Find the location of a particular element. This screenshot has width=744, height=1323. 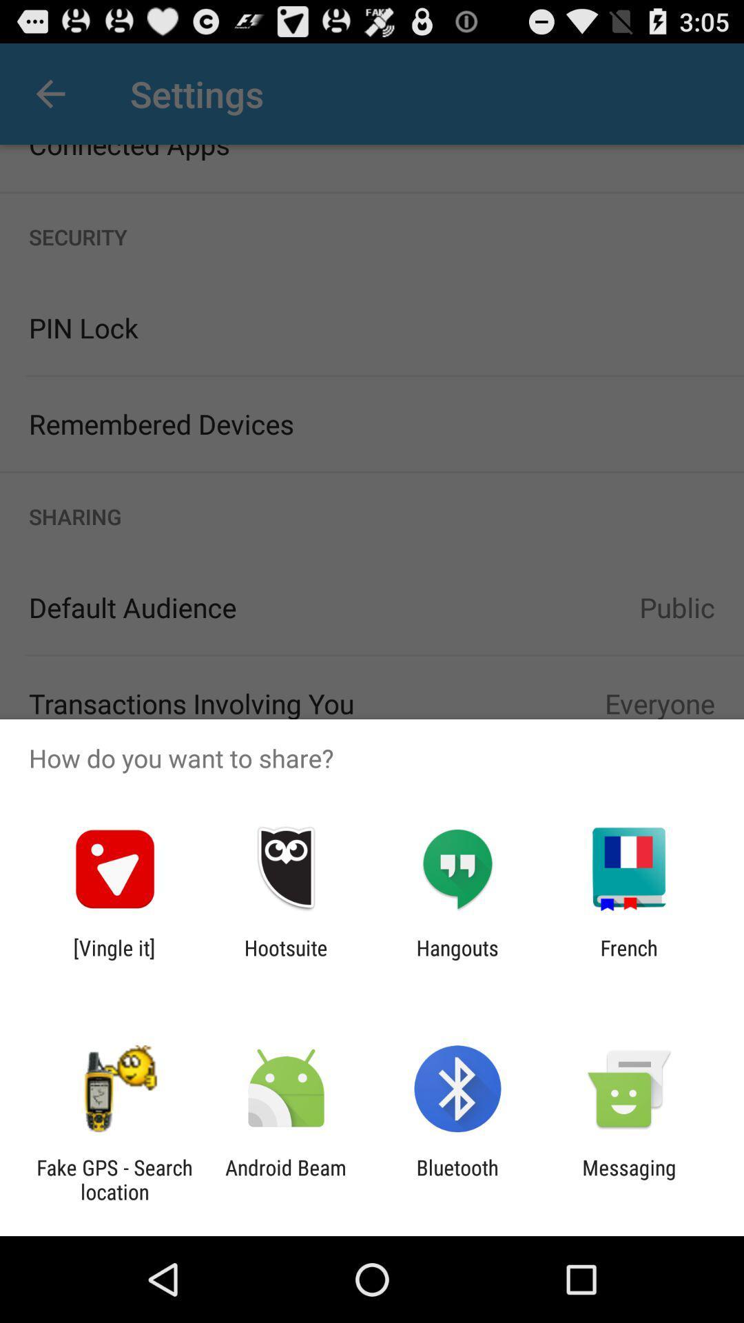

the item to the right of [vingle it] app is located at coordinates (285, 959).